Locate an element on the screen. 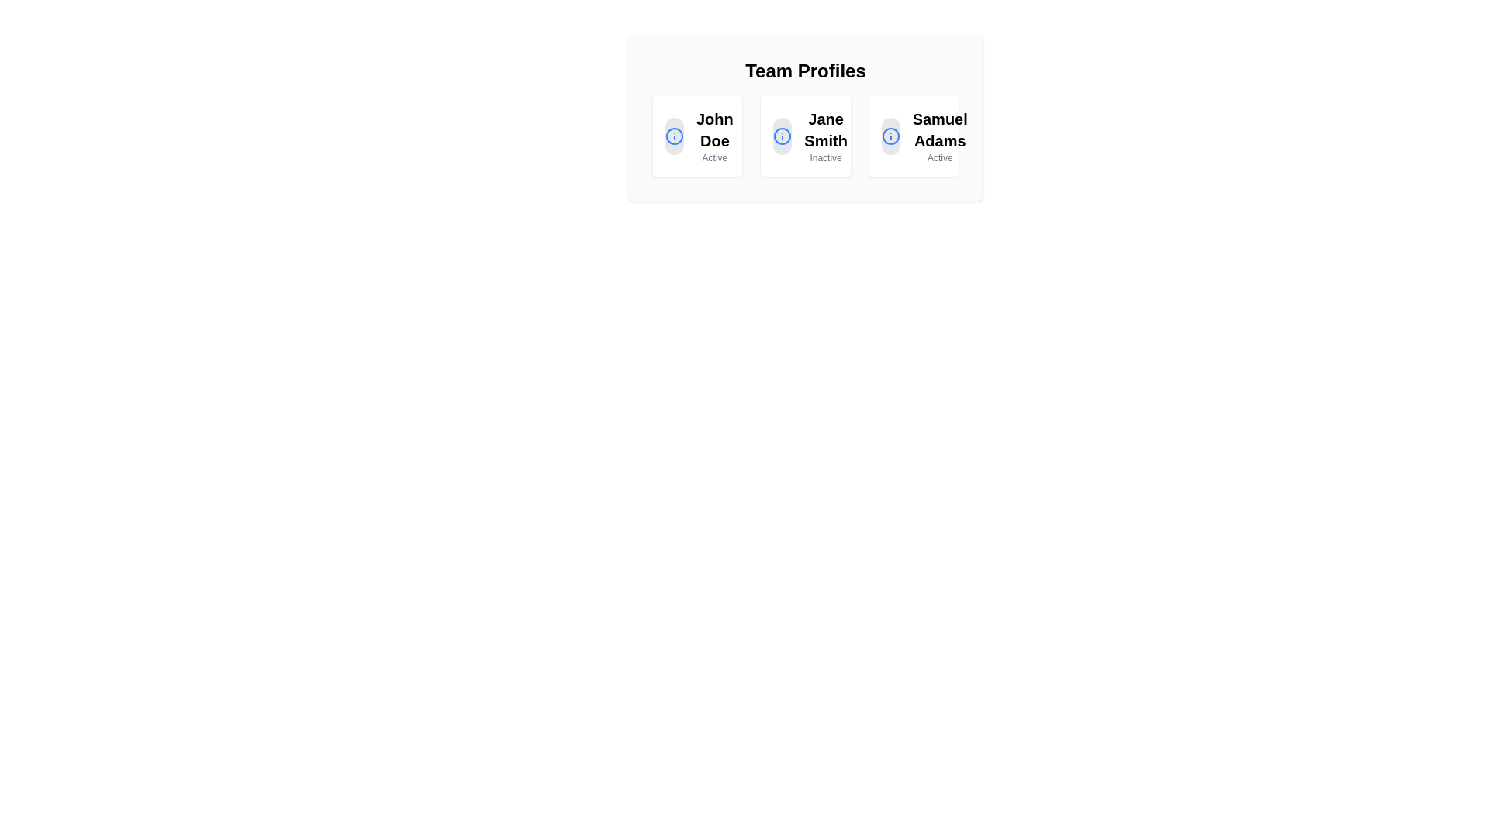  the label displaying the user's name with the status 'Inactive', located in the second card beneath 'Team Profiles' is located at coordinates (825, 136).